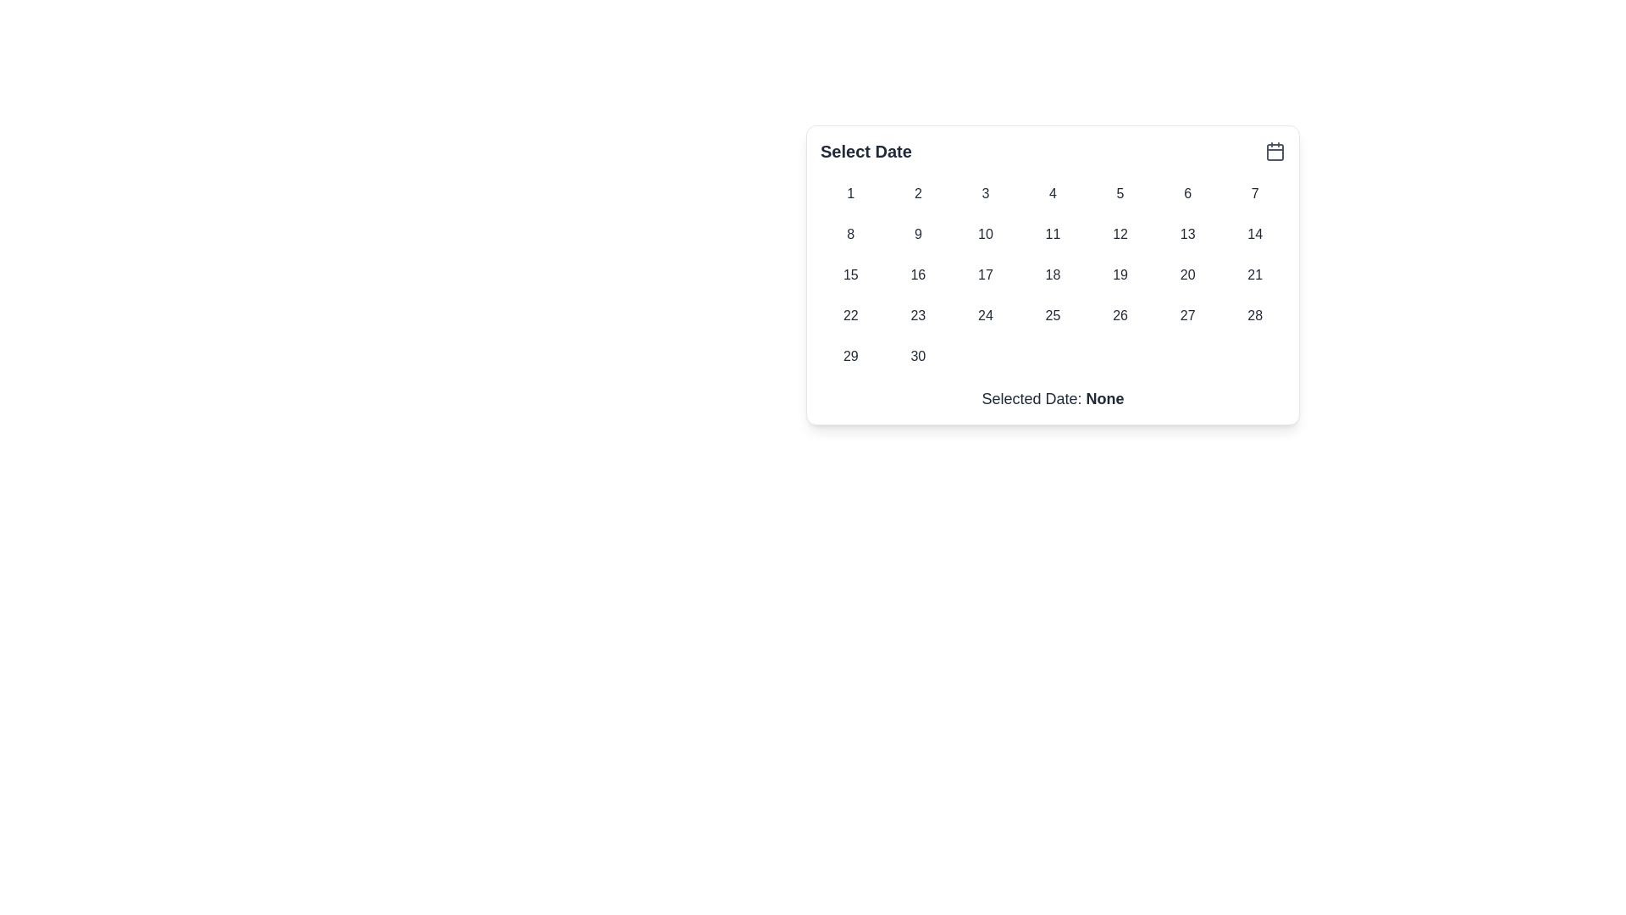 This screenshot has width=1626, height=915. I want to click on the date selector button representing the date '9' in the calendar widget, located in the second row and second column of the grid, so click(917, 235).